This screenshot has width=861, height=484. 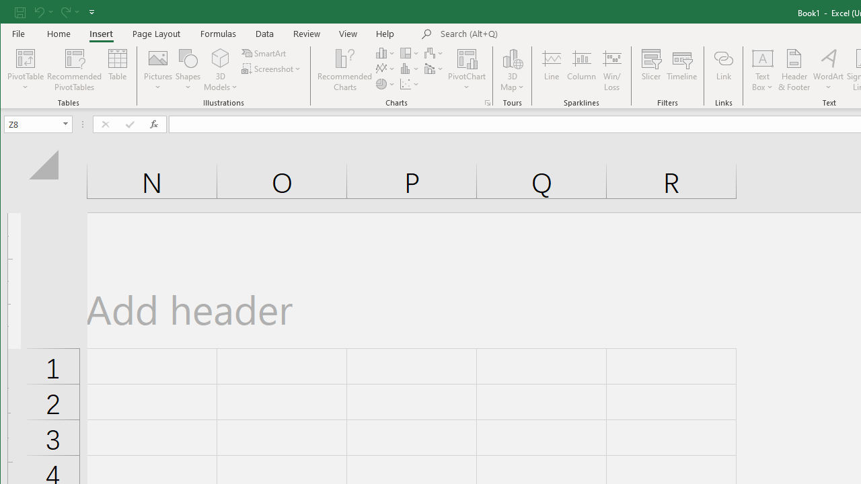 I want to click on 'Insert Statistic Chart', so click(x=409, y=69).